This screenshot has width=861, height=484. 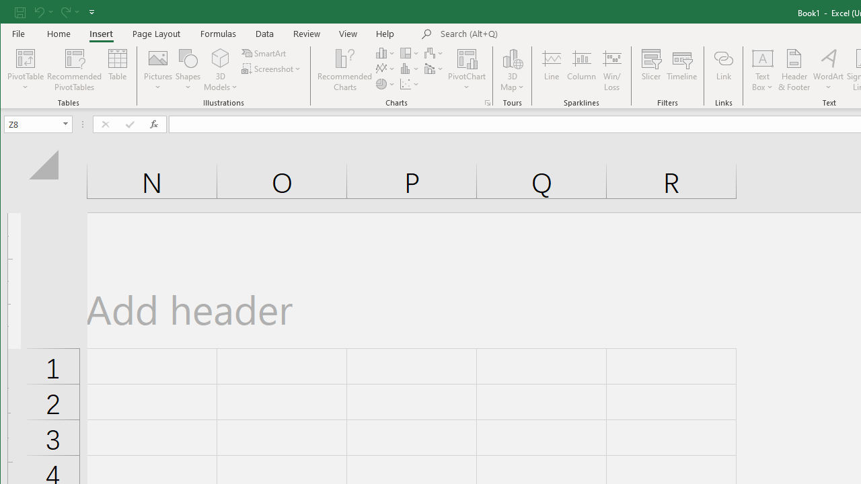 I want to click on 'Insert Statistic Chart', so click(x=409, y=69).